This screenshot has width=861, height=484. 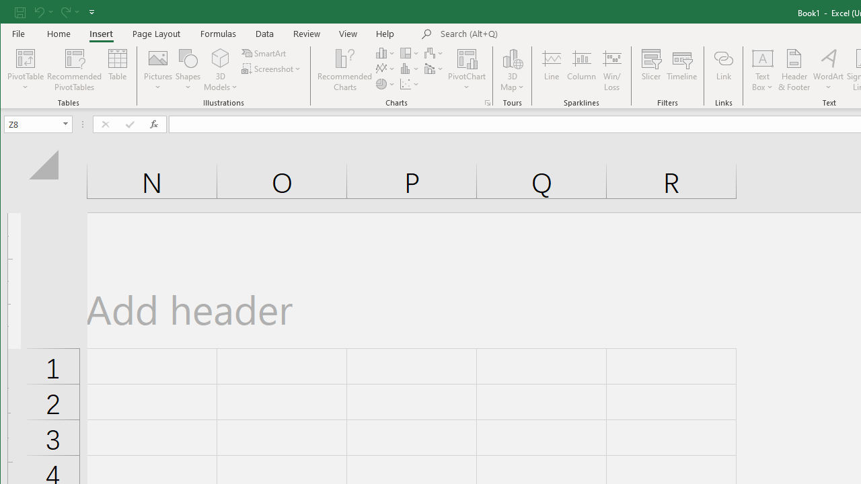 I want to click on 'Insert Statistic Chart', so click(x=409, y=69).